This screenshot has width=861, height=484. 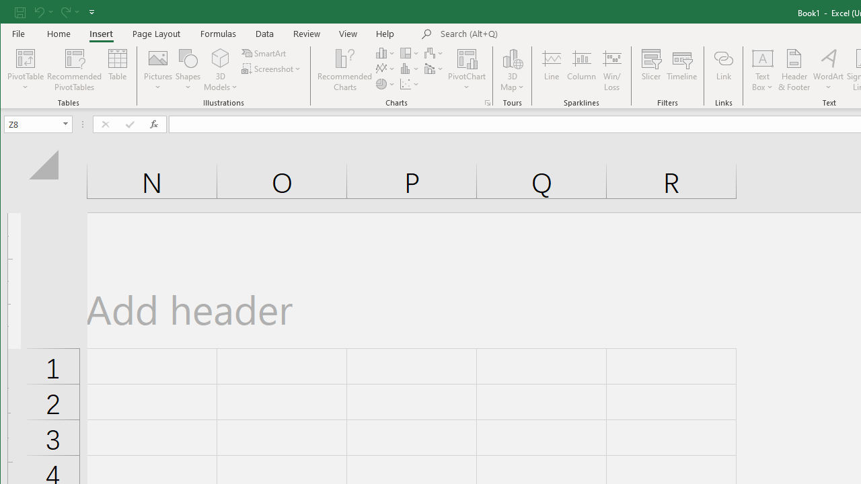 I want to click on 'Insert Statistic Chart', so click(x=409, y=69).